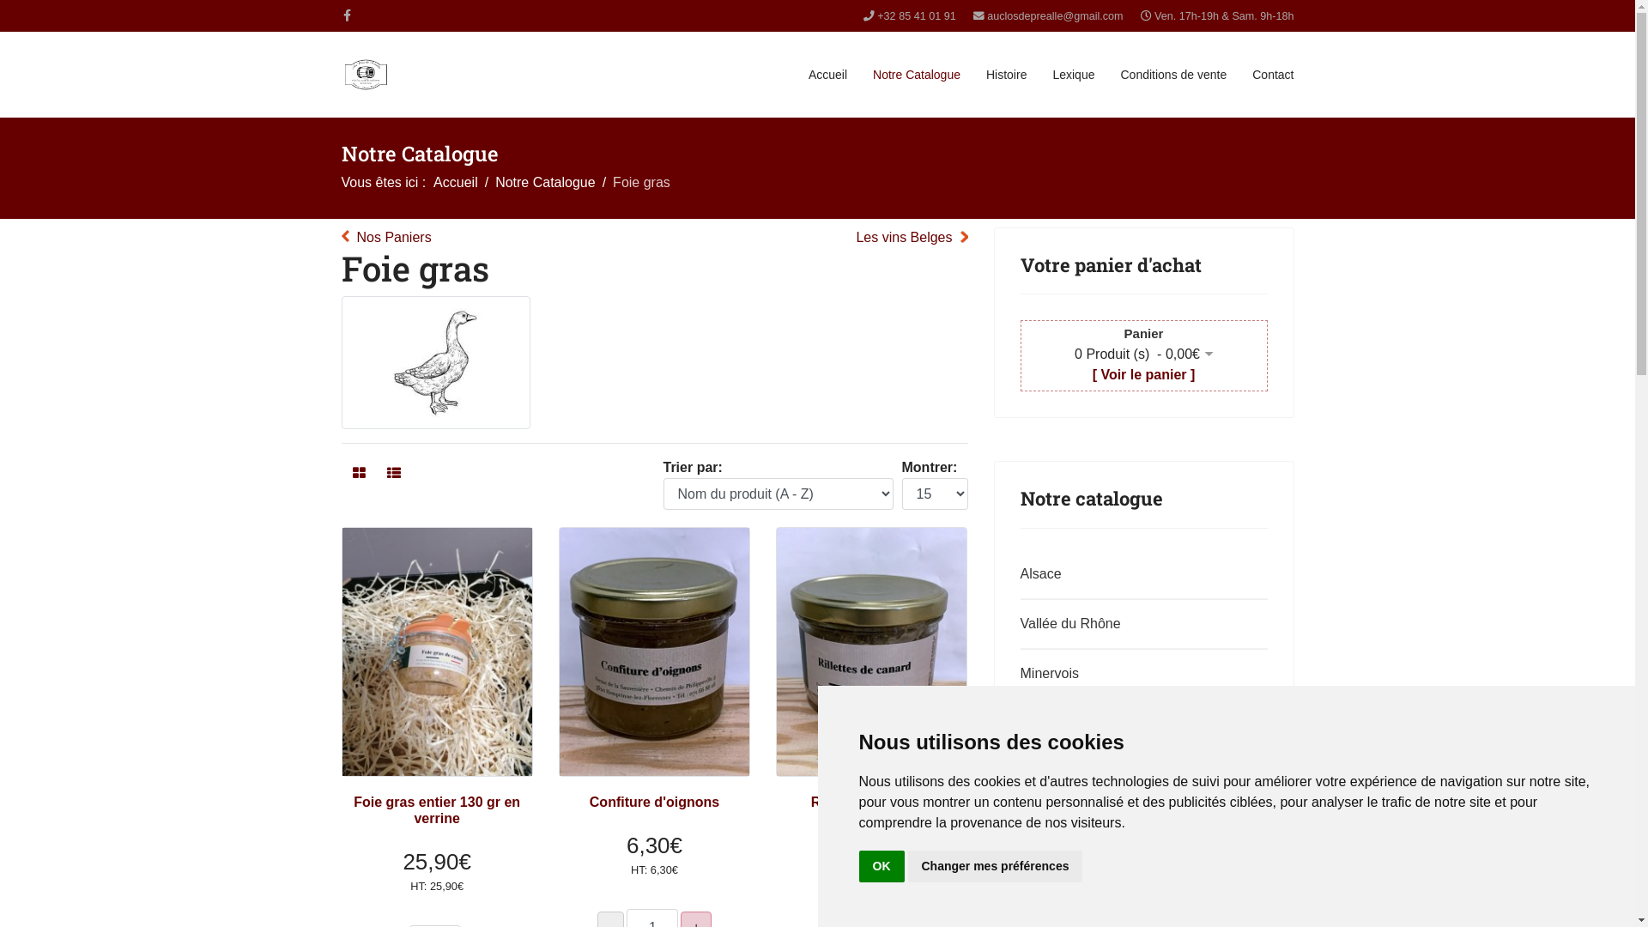 The image size is (1648, 927). What do you see at coordinates (1053, 16) in the screenshot?
I see `'auclosdeprealle@gmail.com'` at bounding box center [1053, 16].